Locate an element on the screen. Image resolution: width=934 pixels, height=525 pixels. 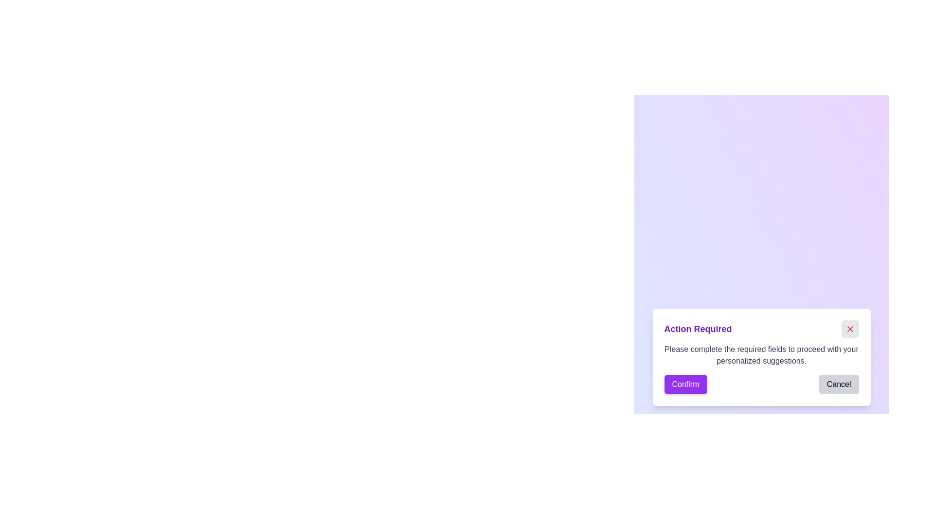
text message 'Please complete the required fields to proceed with your personalized suggestions.' displayed in muted gray color within the dialog box, positioned below the title 'Action Required' is located at coordinates (761, 355).